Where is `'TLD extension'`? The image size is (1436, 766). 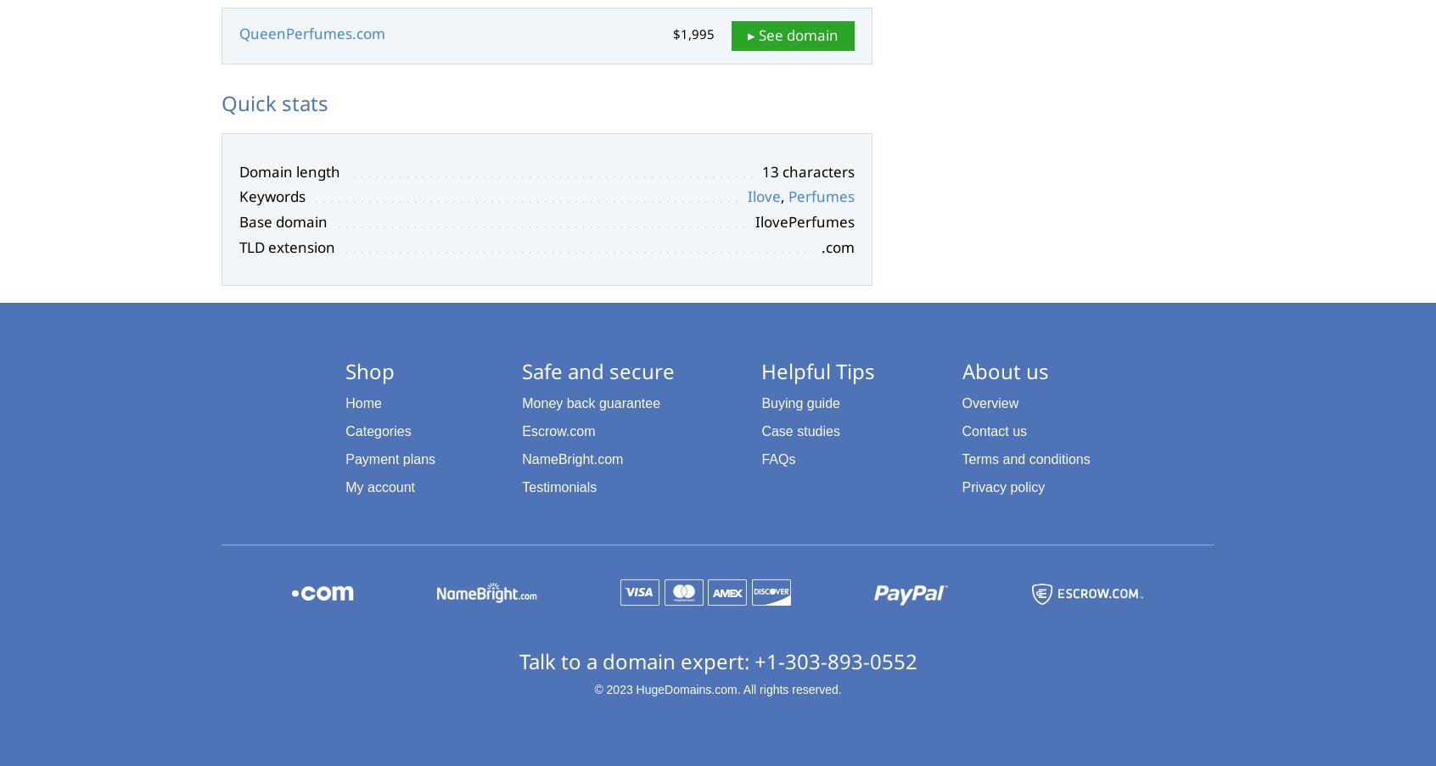
'TLD extension' is located at coordinates (239, 245).